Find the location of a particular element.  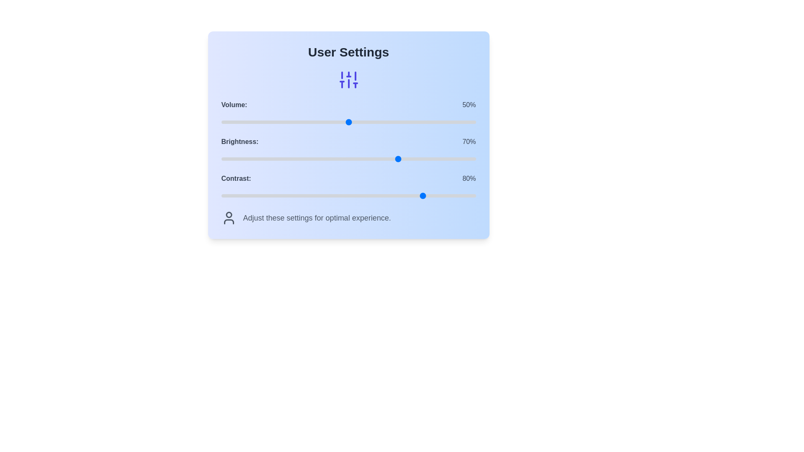

contrast is located at coordinates (463, 195).